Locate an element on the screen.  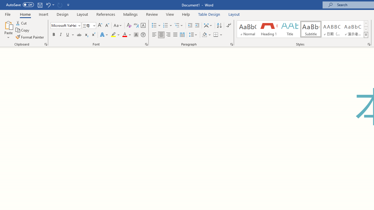
'Multilevel List' is located at coordinates (179, 25).